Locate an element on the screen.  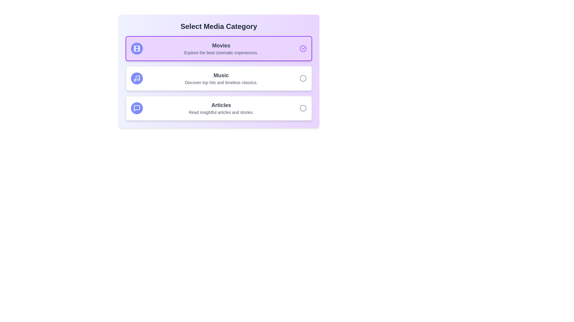
the 'Movies' category button in the media category selection interface is located at coordinates (218, 48).